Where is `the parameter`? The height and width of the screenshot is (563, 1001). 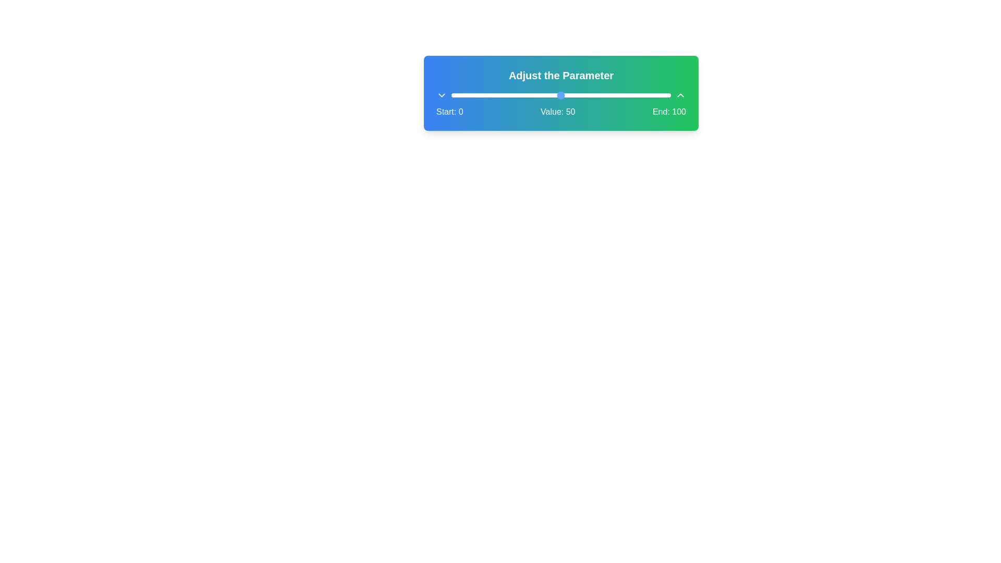
the parameter is located at coordinates (459, 95).